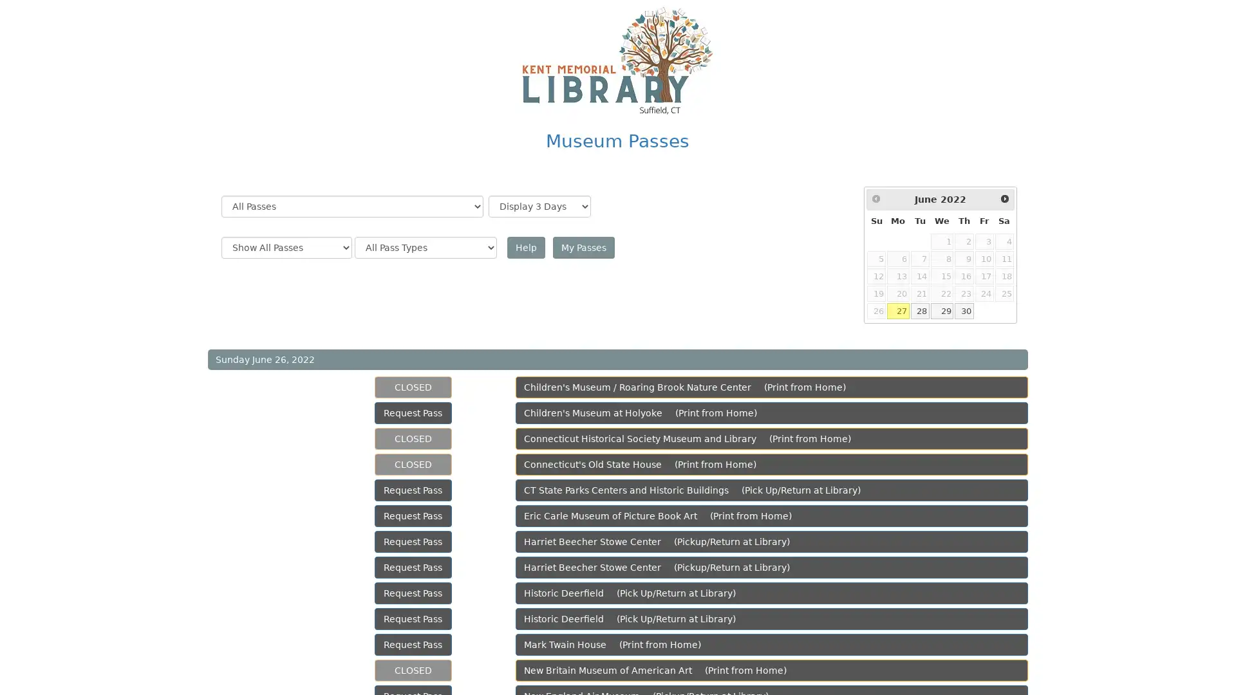  I want to click on Harriet Beecher Stowe Center     (Pickup/Return at Library), so click(771, 567).